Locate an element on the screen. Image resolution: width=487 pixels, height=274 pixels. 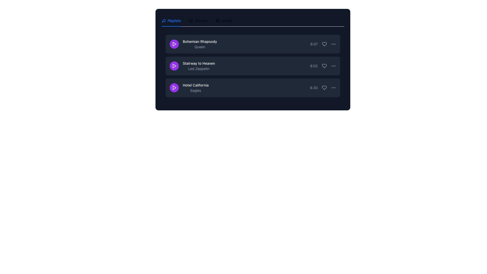
the circular play button located to the far left of the row containing the song title 'Bohemian Rhapsody' and artist 'Queen' to initiate playback is located at coordinates (174, 44).